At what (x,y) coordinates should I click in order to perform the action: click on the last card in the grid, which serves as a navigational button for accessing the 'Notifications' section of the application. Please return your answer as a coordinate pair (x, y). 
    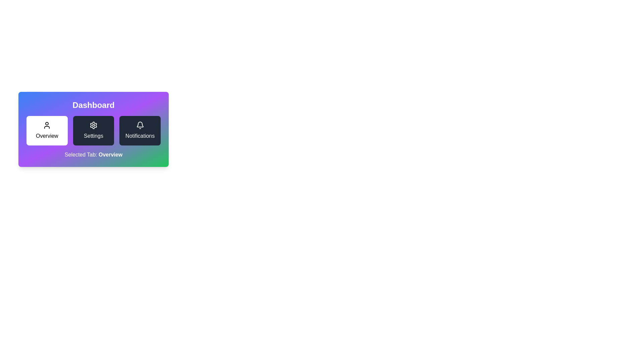
    Looking at the image, I should click on (140, 130).